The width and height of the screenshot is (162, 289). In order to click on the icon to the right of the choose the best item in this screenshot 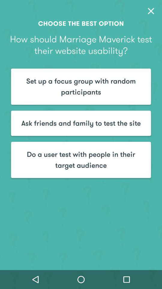, I will do `click(151, 11)`.